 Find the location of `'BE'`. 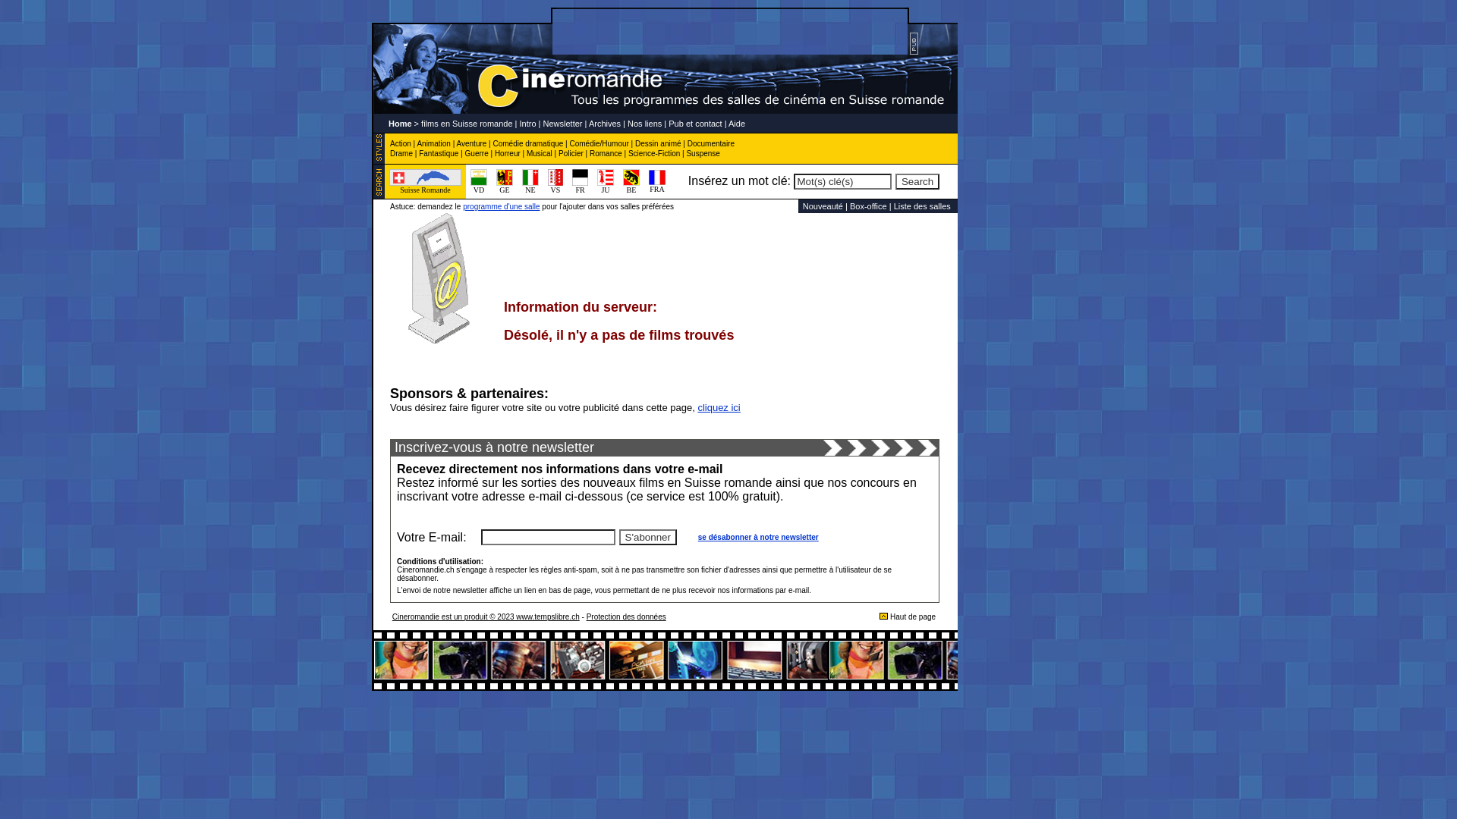

'BE' is located at coordinates (631, 186).